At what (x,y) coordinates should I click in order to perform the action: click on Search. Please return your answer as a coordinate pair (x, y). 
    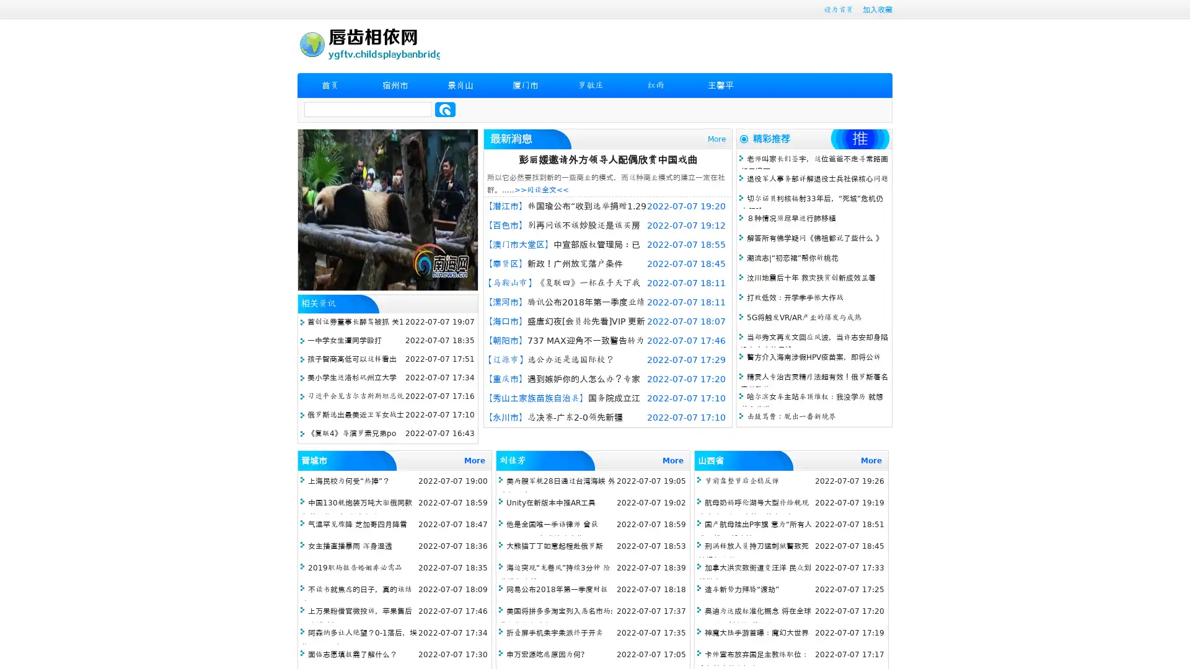
    Looking at the image, I should click on (445, 109).